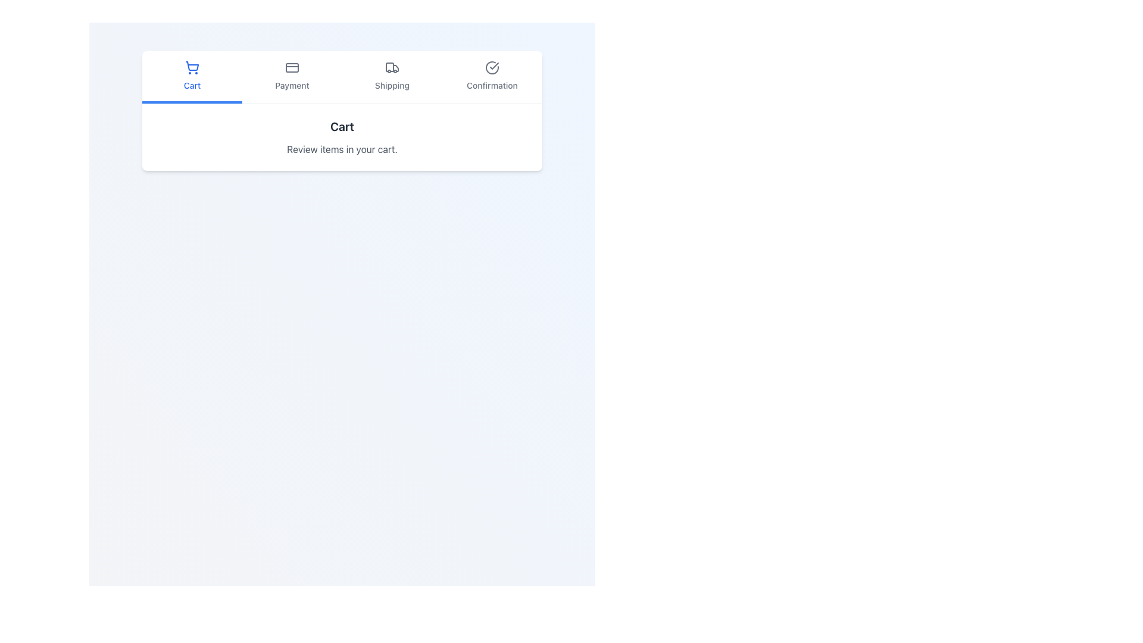 Image resolution: width=1143 pixels, height=643 pixels. Describe the element at coordinates (342, 126) in the screenshot. I see `the 'Cart' section header text label, which indicates the current section of the shopping process` at that location.